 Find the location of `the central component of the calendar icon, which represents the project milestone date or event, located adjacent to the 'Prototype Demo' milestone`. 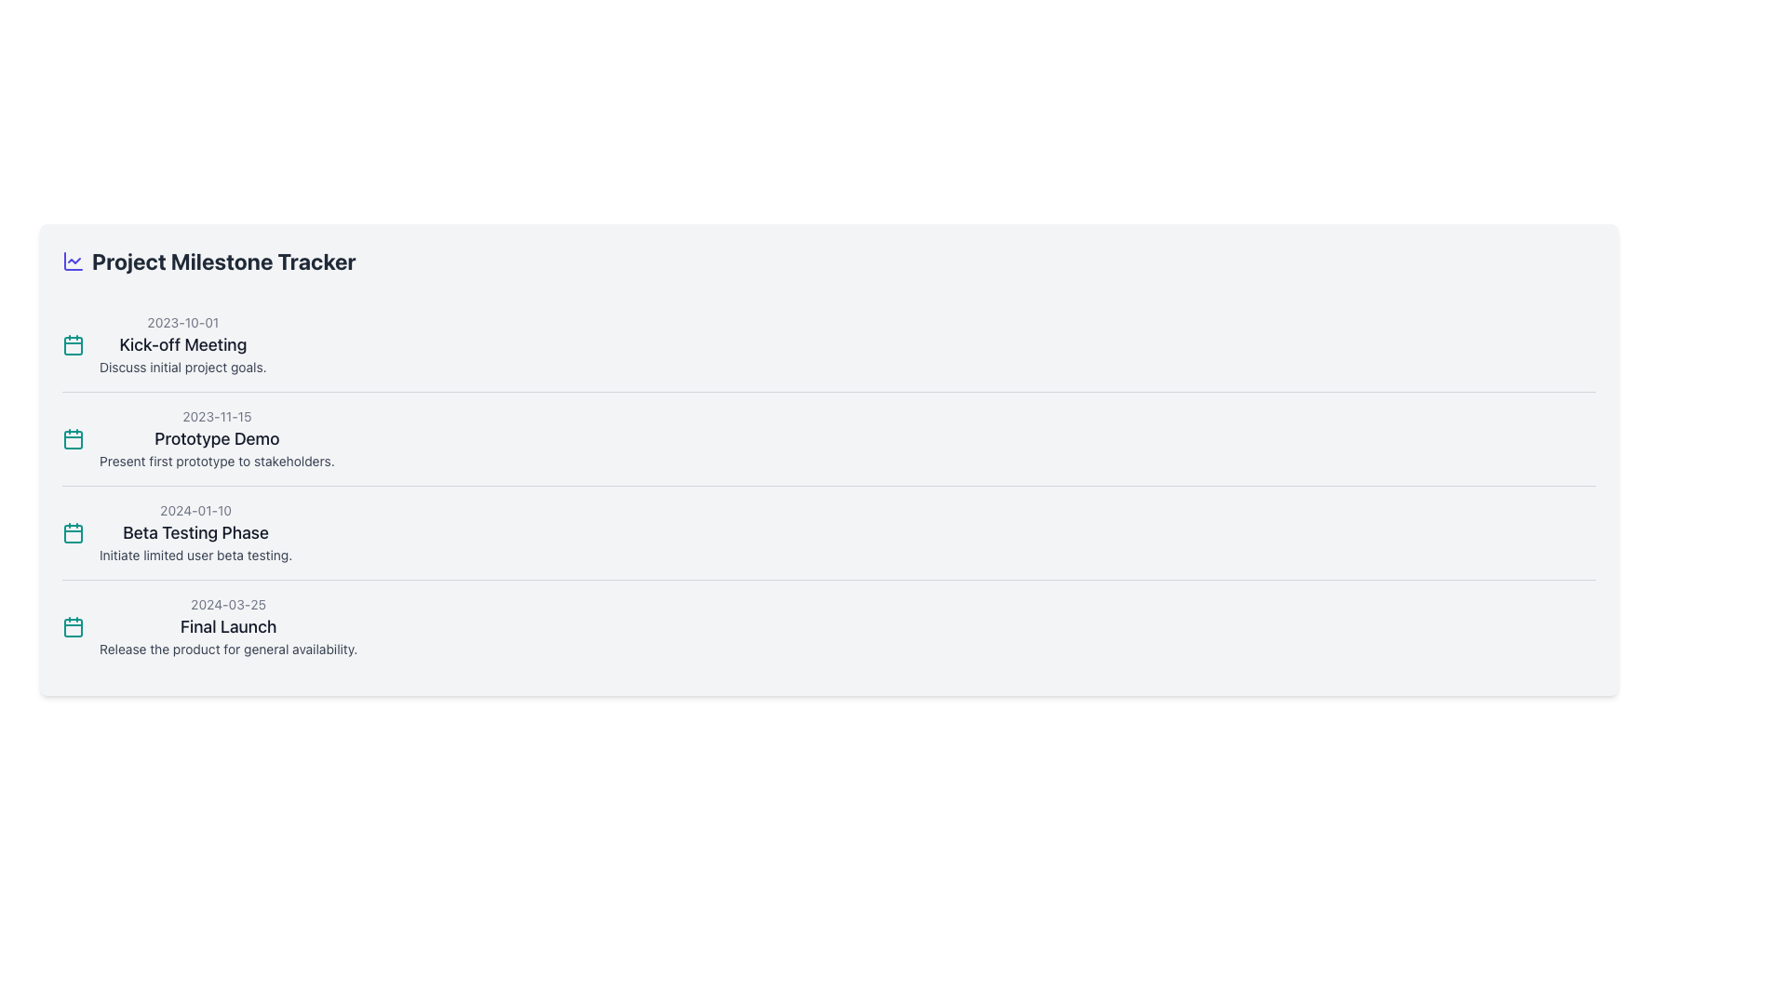

the central component of the calendar icon, which represents the project milestone date or event, located adjacent to the 'Prototype Demo' milestone is located at coordinates (73, 440).